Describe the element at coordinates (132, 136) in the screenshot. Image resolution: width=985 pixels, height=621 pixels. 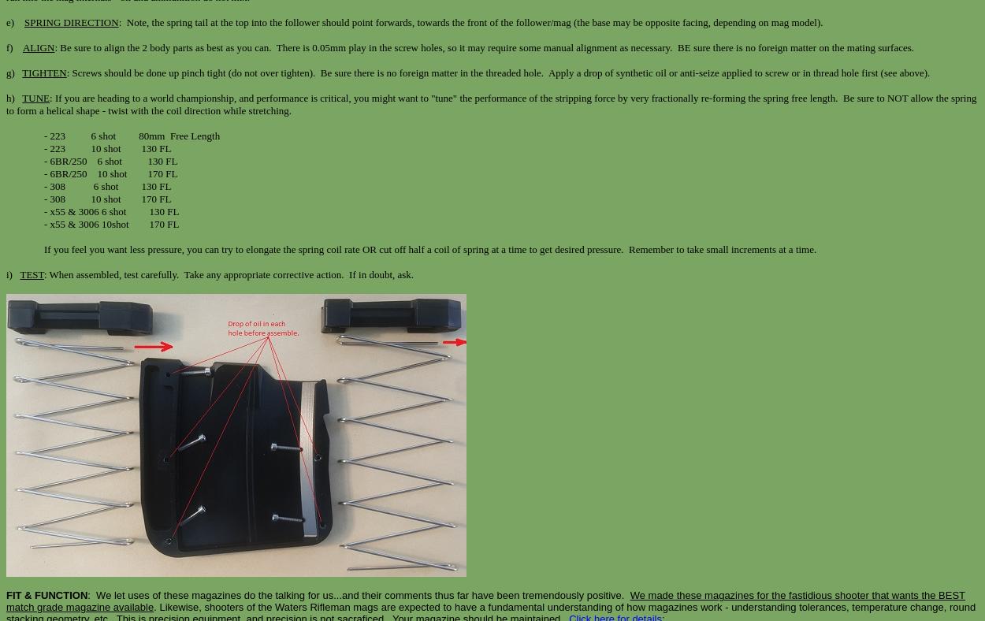
I see `'- 223          6 
shot         80mm  Free Length'` at that location.